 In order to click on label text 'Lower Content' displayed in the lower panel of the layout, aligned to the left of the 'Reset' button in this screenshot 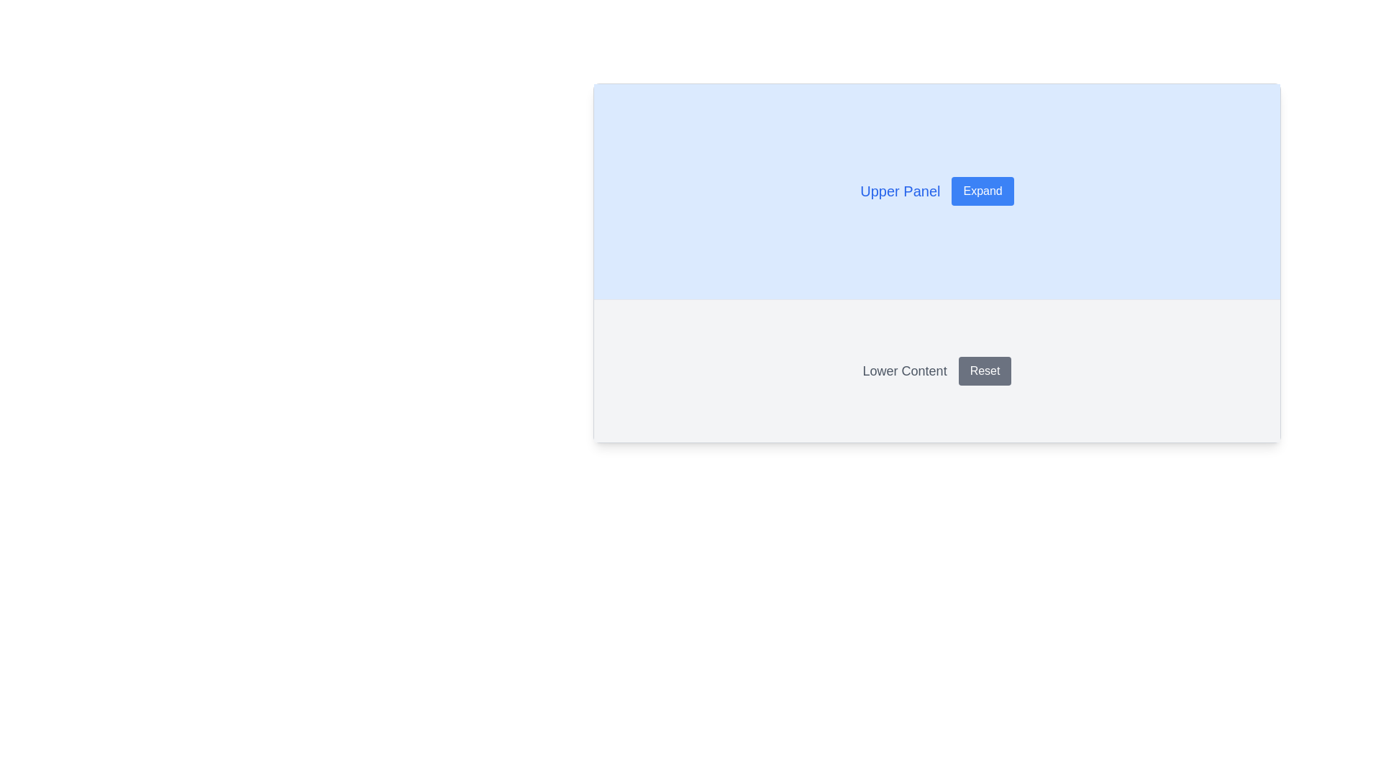, I will do `click(904, 370)`.